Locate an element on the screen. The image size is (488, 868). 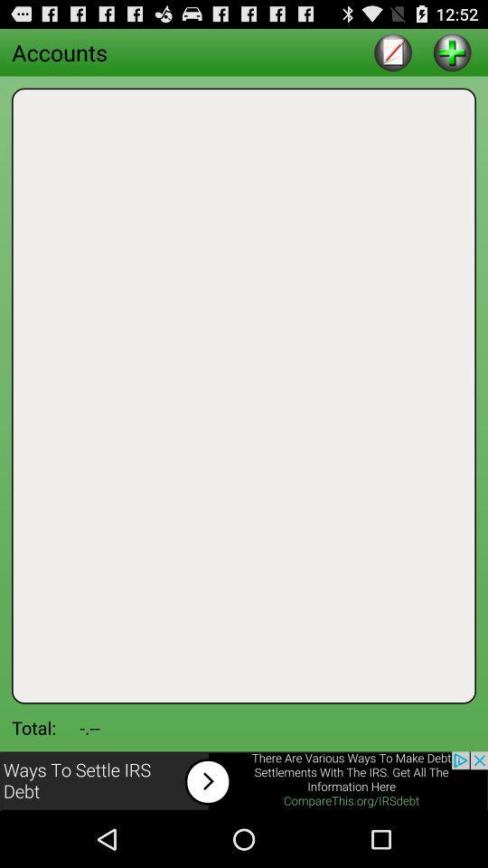
the add icon is located at coordinates (451, 55).